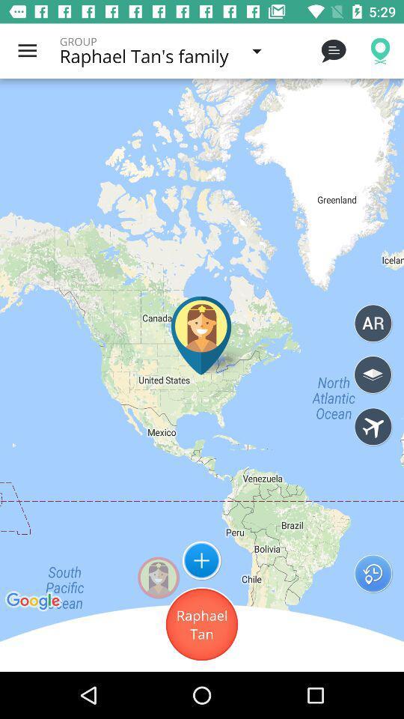 The image size is (404, 719). What do you see at coordinates (373, 427) in the screenshot?
I see `the flight icon` at bounding box center [373, 427].